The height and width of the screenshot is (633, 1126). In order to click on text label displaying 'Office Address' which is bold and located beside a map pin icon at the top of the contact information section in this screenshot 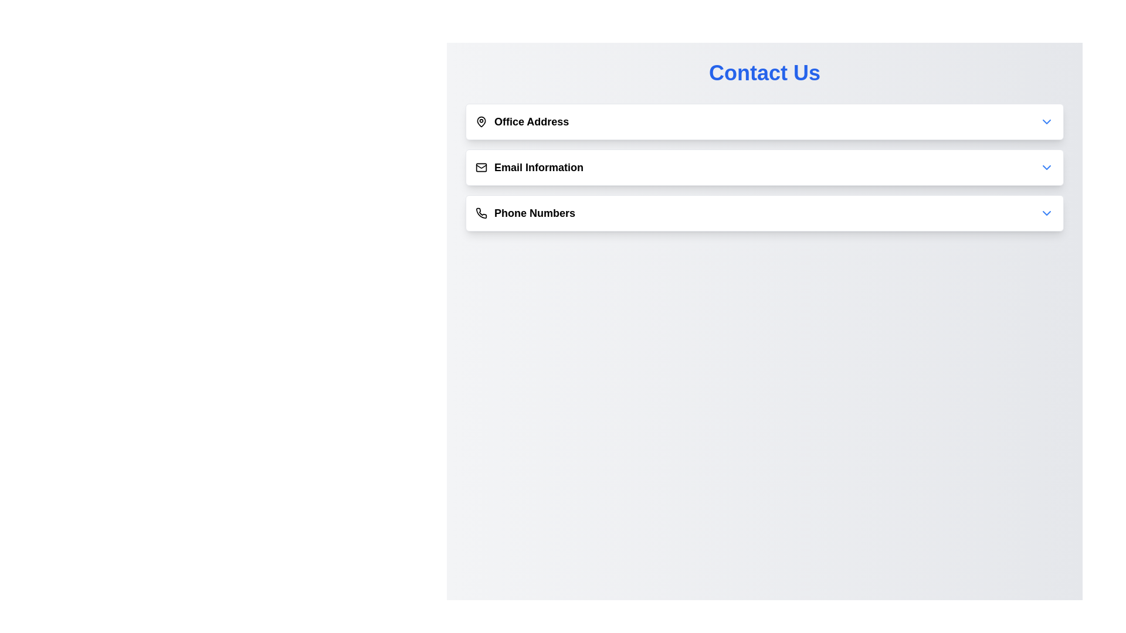, I will do `click(531, 122)`.